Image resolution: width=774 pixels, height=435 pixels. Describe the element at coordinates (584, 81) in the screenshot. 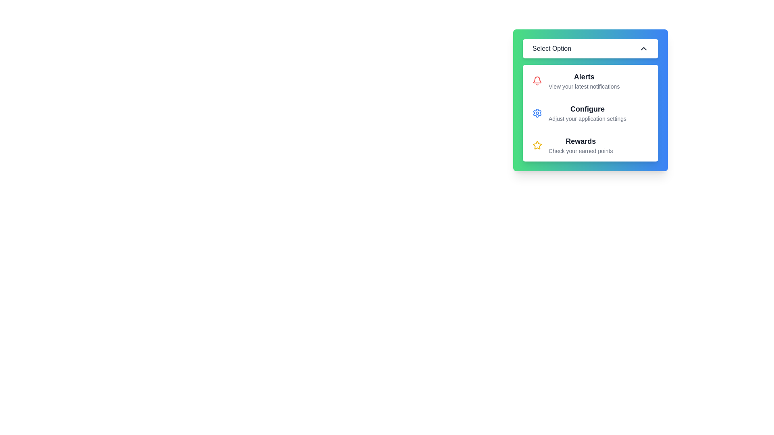

I see `the 'Alerts' text label in the dropdown menu` at that location.